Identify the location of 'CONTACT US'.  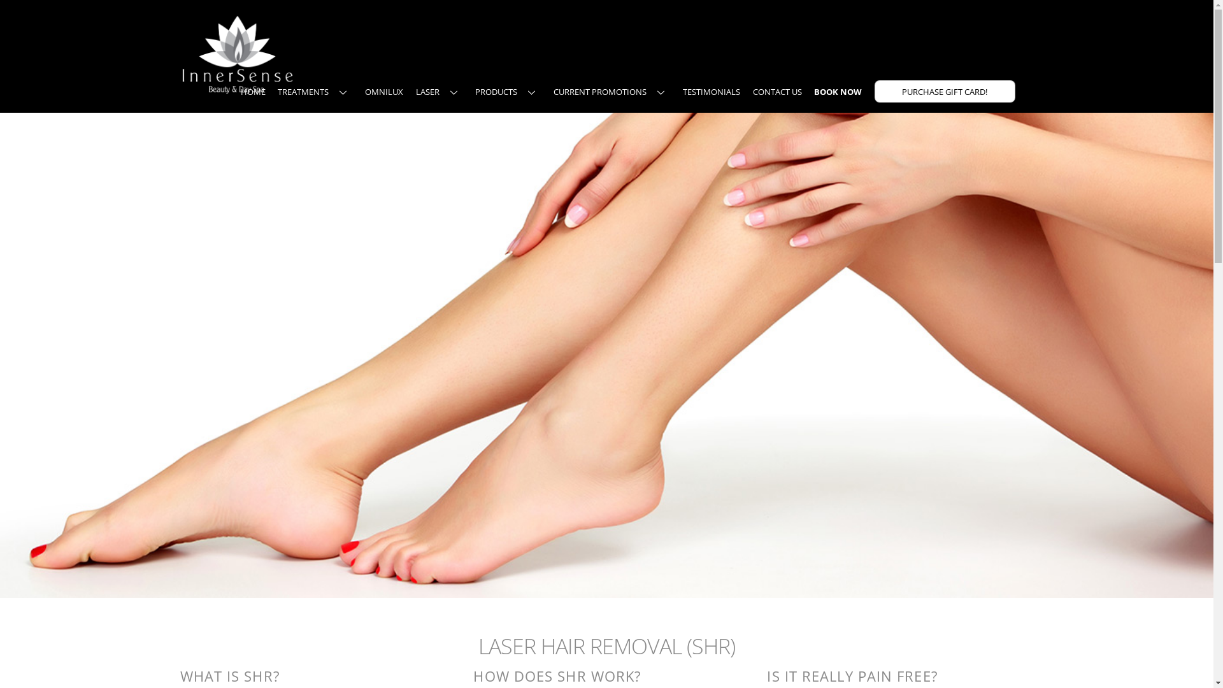
(748, 90).